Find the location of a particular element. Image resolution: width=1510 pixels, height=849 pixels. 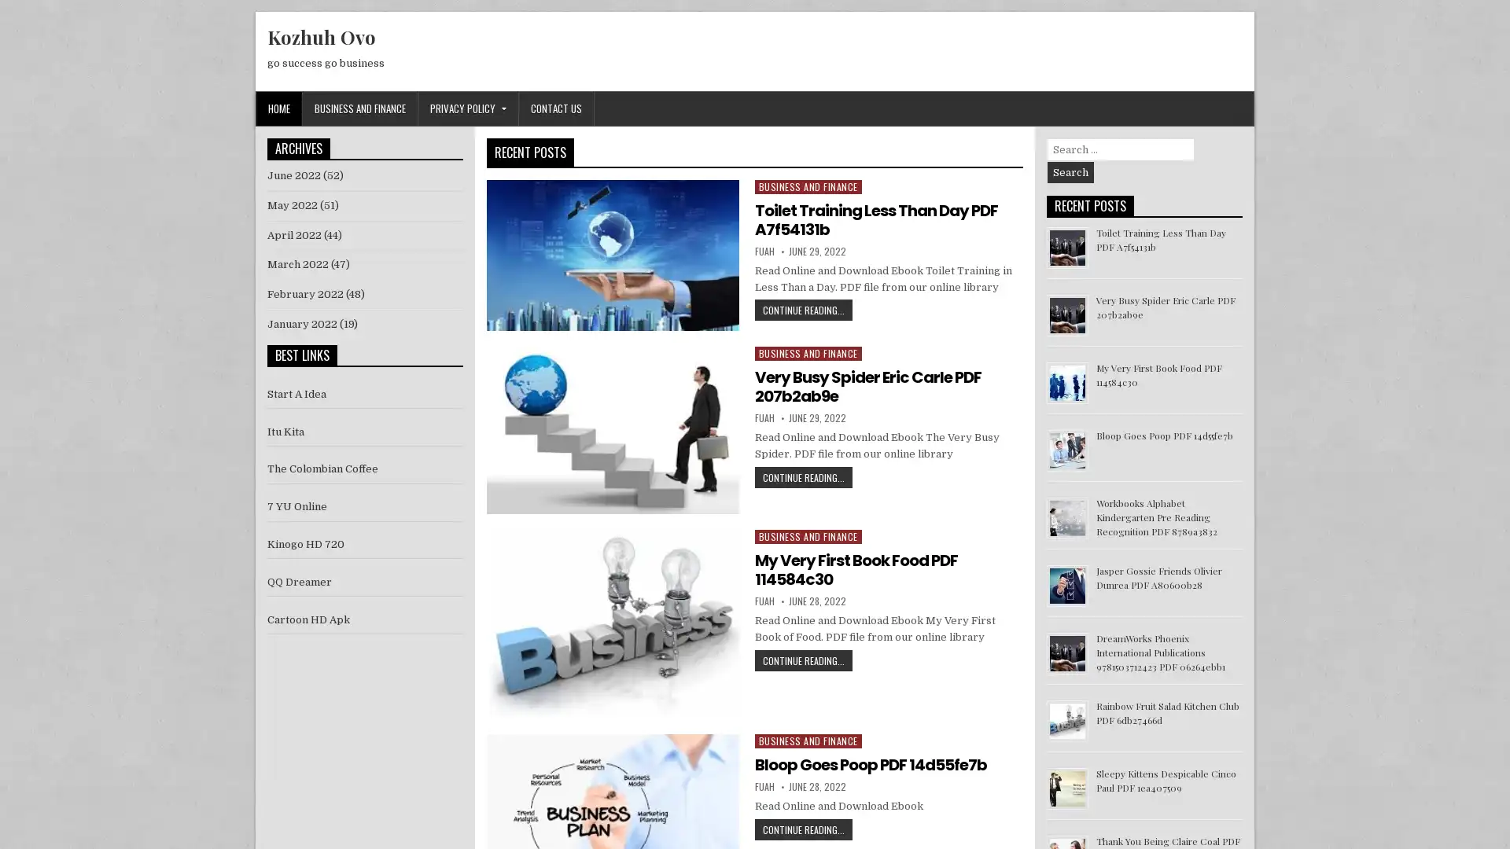

Search is located at coordinates (1070, 172).